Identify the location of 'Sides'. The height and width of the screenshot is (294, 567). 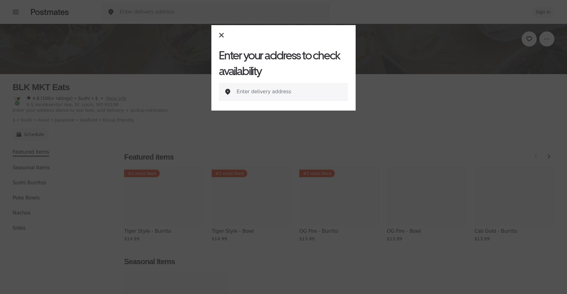
(19, 227).